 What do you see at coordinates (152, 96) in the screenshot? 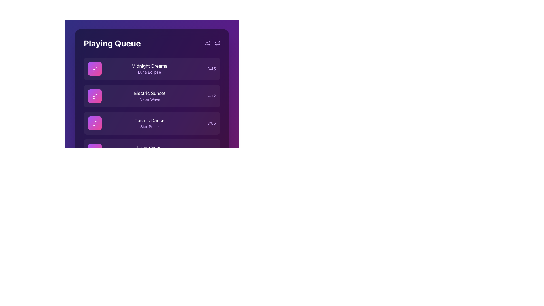
I see `the second list item titled 'Electric Sunset' in the Playing Queue sidebar` at bounding box center [152, 96].